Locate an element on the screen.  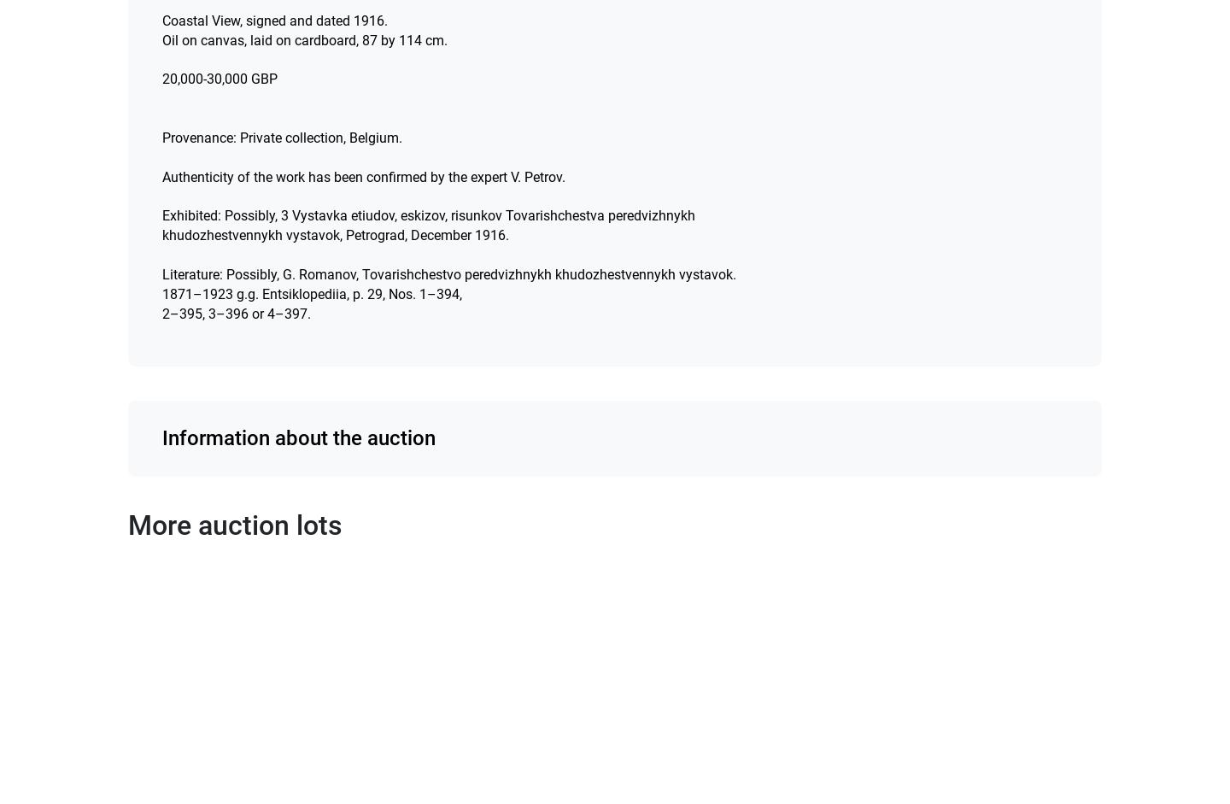
'Exhibited: Possibly, 3 Vystavka etiudov, eskizov, risunkov Tovarishchestva peredvizhnykh khudozhestvennykh vystavok, Petrograd, December 1916.' is located at coordinates (427, 226).